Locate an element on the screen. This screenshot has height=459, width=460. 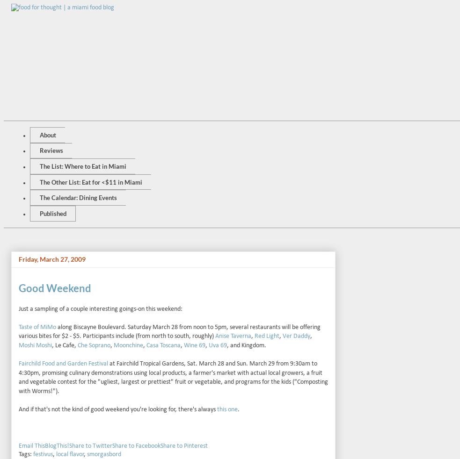
'Moshi Moshi' is located at coordinates (35, 345).